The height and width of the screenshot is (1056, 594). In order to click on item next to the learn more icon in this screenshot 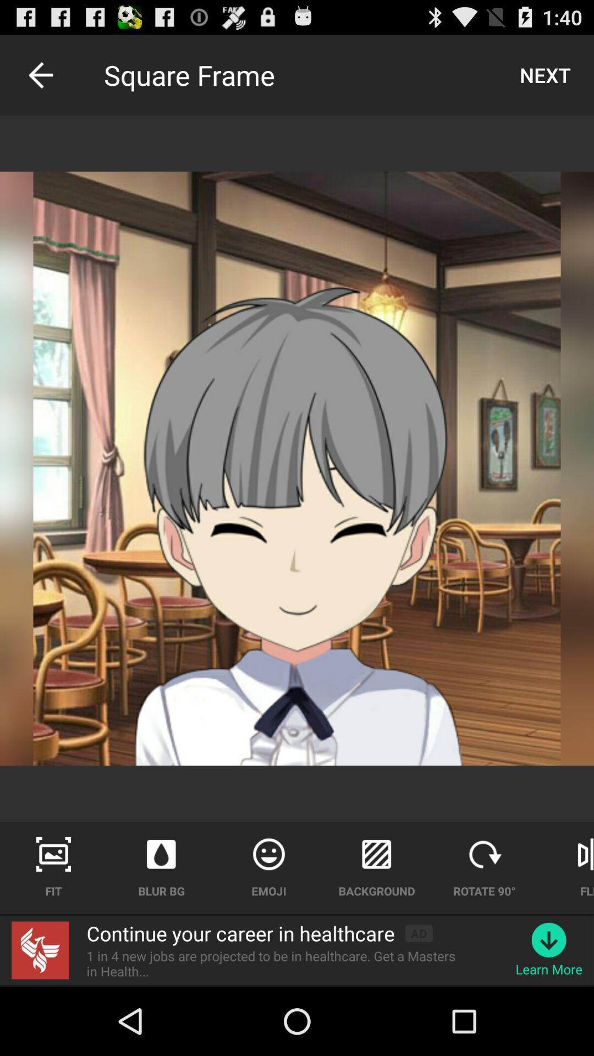, I will do `click(277, 963)`.